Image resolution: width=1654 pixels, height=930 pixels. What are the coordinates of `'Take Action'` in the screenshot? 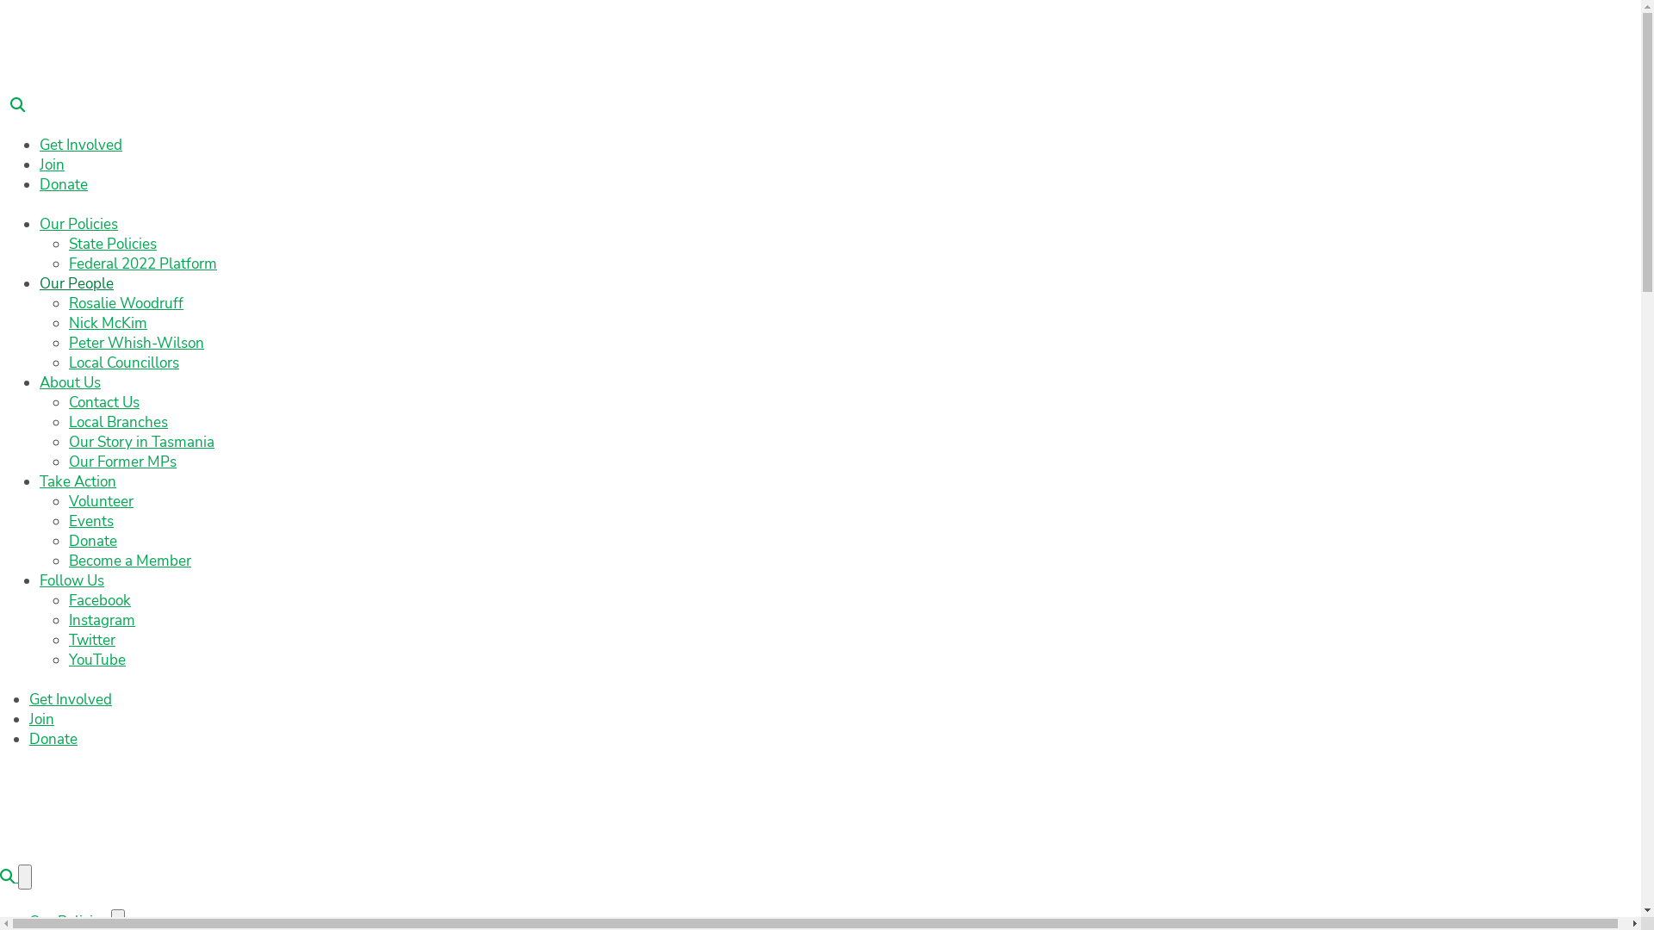 It's located at (40, 481).